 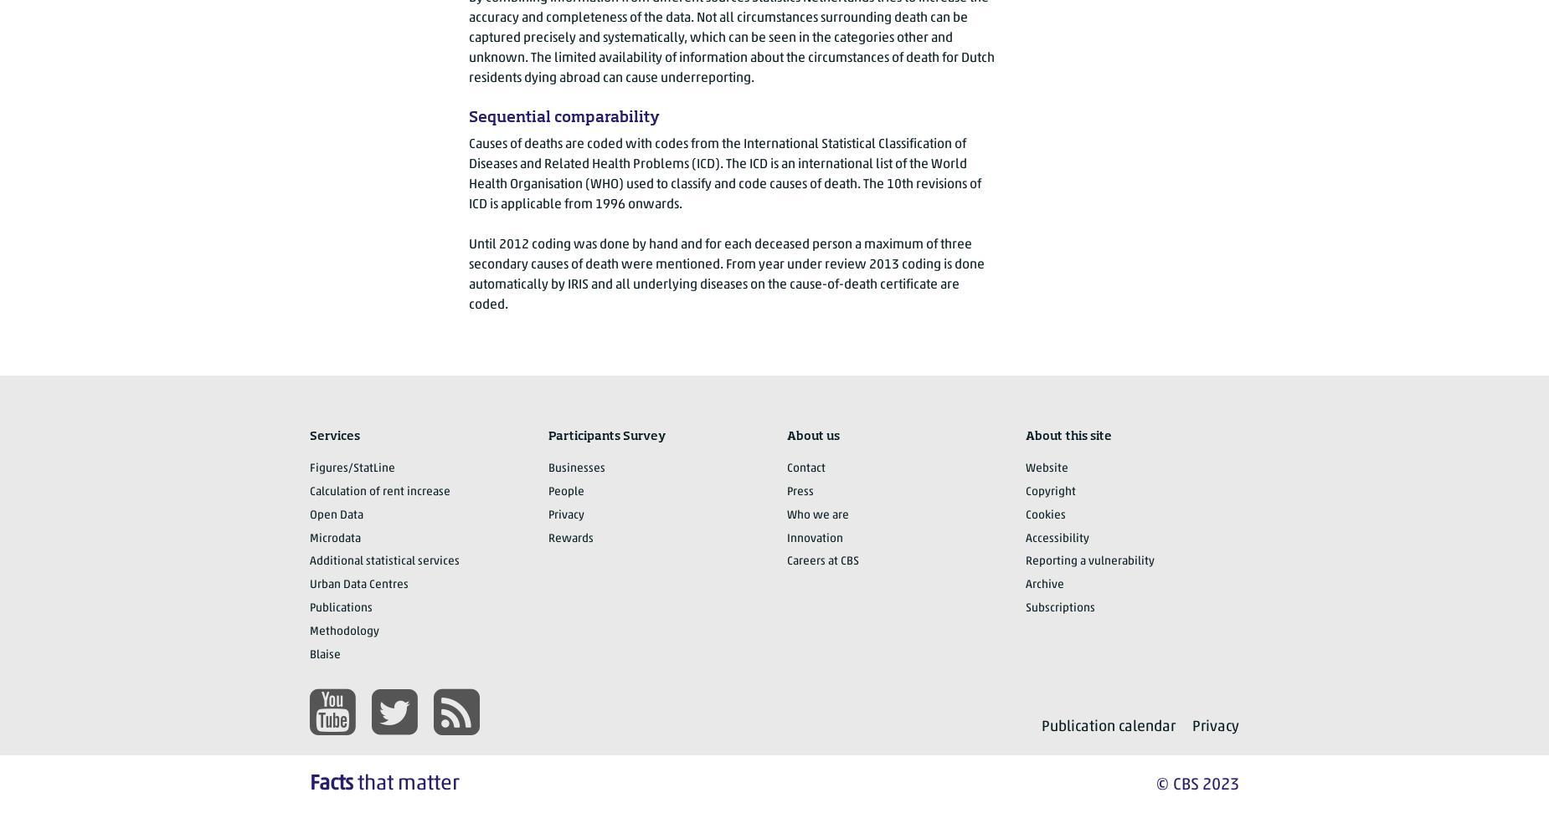 What do you see at coordinates (576, 468) in the screenshot?
I see `'Businesses'` at bounding box center [576, 468].